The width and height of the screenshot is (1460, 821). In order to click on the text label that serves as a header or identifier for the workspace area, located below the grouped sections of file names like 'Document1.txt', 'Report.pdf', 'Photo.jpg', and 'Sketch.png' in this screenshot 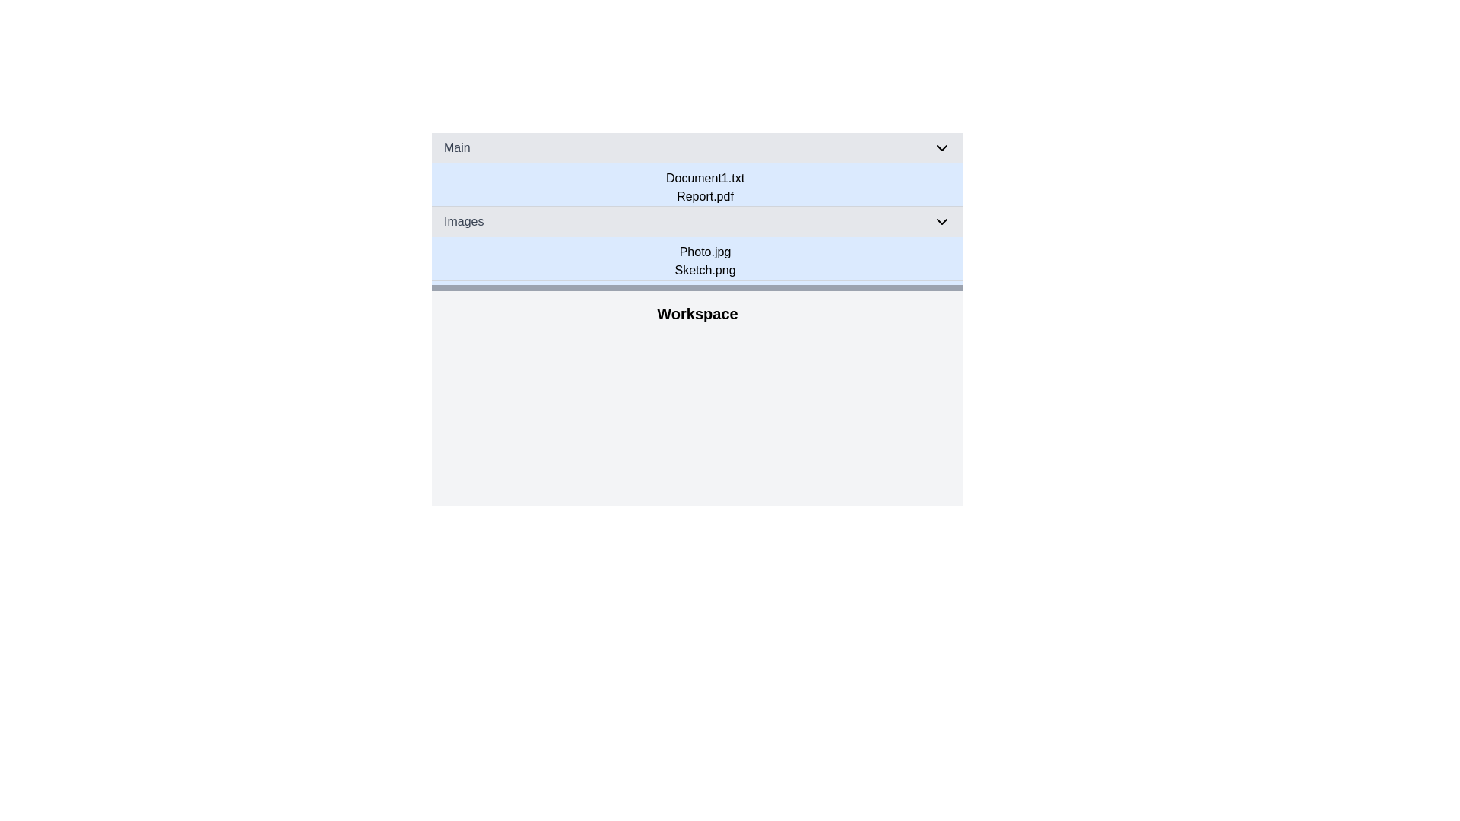, I will do `click(697, 309)`.